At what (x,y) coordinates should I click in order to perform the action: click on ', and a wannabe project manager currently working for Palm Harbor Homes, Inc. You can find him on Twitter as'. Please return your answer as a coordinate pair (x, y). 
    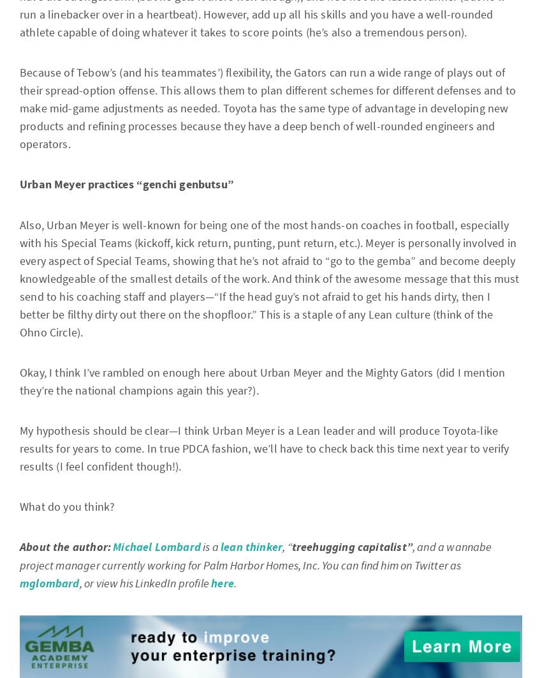
    Looking at the image, I should click on (19, 555).